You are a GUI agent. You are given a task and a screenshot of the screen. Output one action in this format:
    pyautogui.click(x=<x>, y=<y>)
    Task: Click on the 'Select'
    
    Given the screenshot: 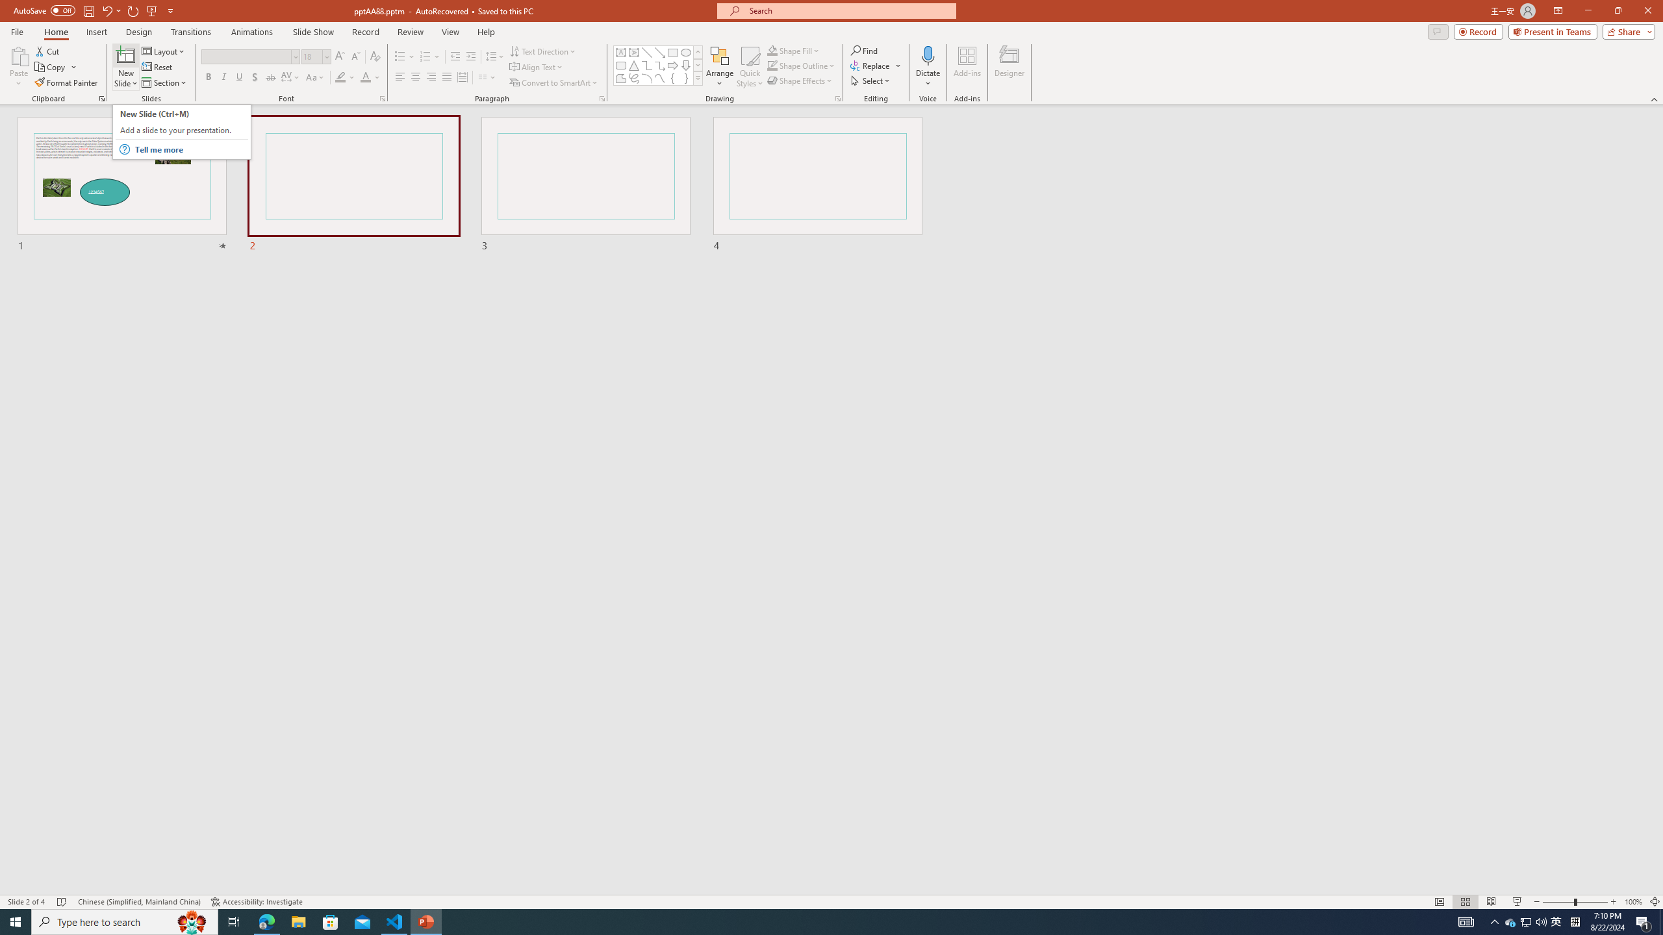 What is the action you would take?
    pyautogui.click(x=871, y=79)
    